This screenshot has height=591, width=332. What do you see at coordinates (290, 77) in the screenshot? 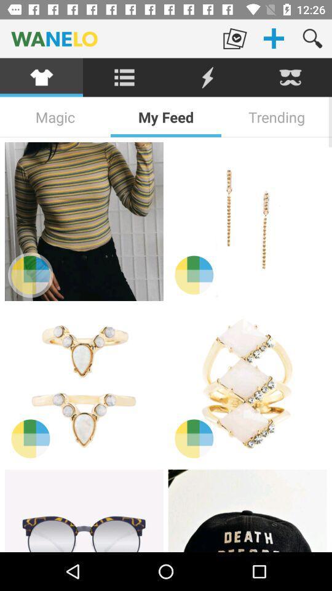
I see `face options` at bounding box center [290, 77].